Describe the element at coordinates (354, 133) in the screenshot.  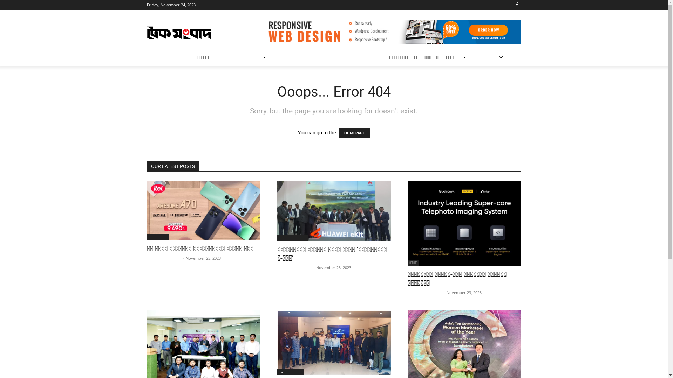
I see `'HOMEPAGE'` at that location.